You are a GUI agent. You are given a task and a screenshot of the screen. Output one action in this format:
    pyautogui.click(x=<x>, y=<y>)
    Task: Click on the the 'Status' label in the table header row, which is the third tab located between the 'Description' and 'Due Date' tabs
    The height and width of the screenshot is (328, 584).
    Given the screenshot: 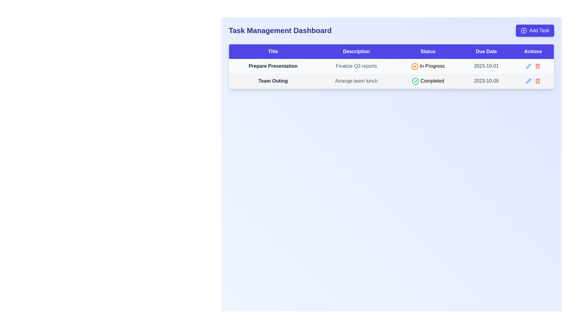 What is the action you would take?
    pyautogui.click(x=428, y=51)
    